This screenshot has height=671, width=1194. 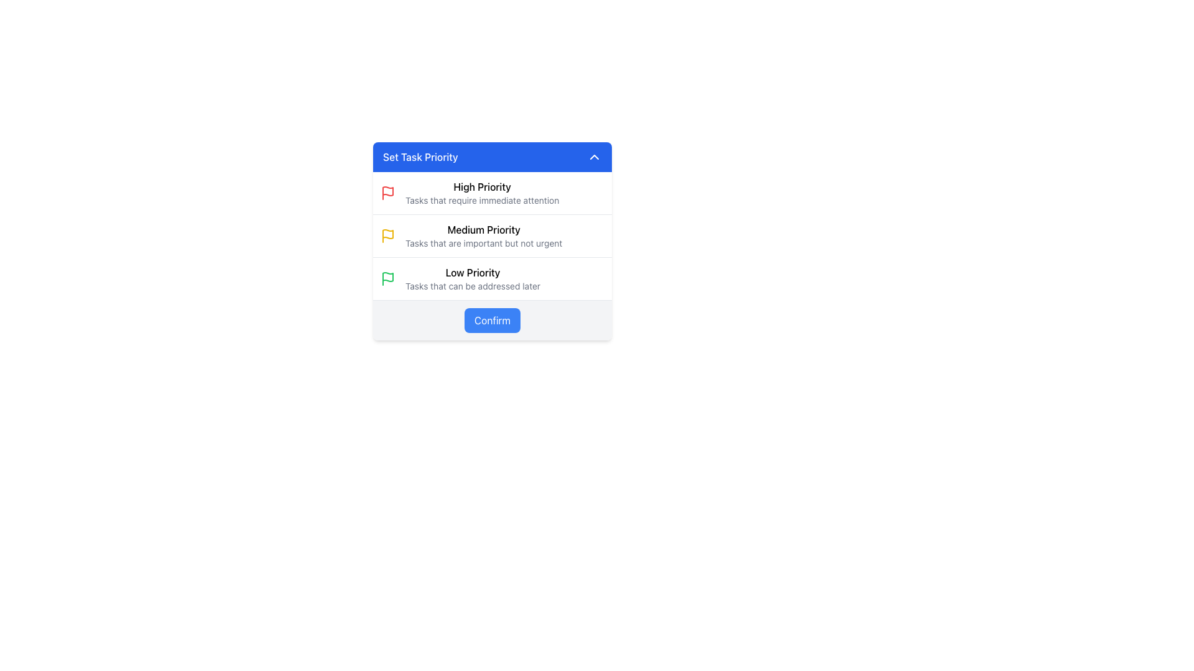 What do you see at coordinates (472, 286) in the screenshot?
I see `the text label 'Tasks that can be addressed later', which is presented in a small-sized gray font and located under the 'Low Priority' label with a green flag icon` at bounding box center [472, 286].